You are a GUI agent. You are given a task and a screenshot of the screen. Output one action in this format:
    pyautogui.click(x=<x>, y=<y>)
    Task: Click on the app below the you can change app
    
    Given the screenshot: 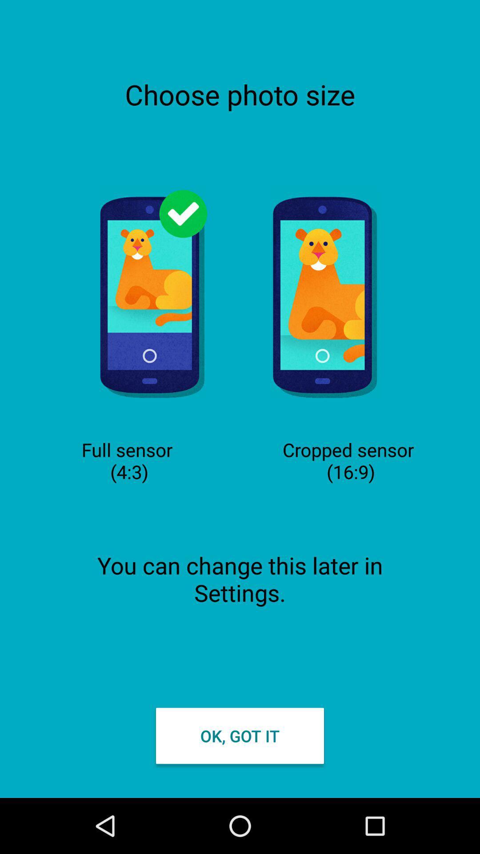 What is the action you would take?
    pyautogui.click(x=240, y=736)
    